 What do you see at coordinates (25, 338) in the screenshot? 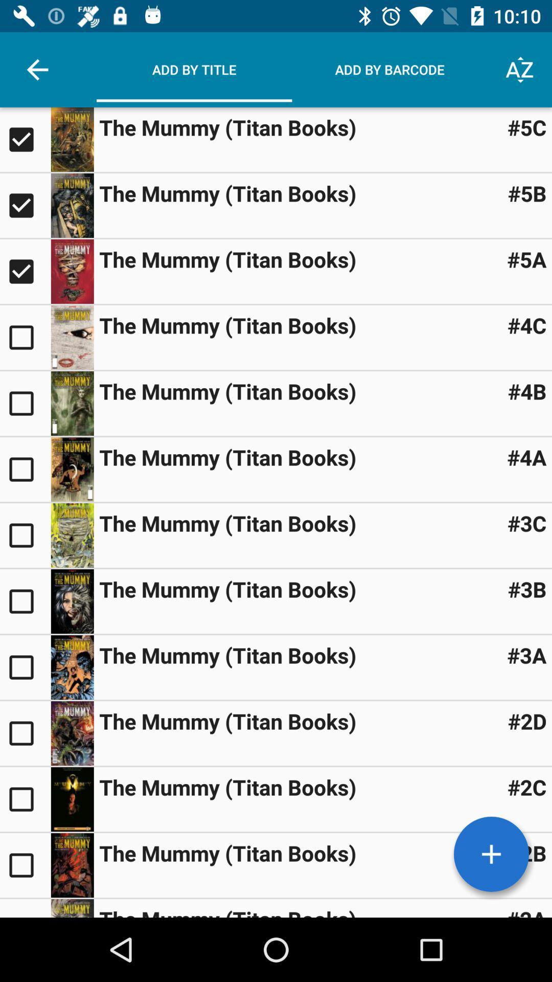
I see `the book 4c` at bounding box center [25, 338].